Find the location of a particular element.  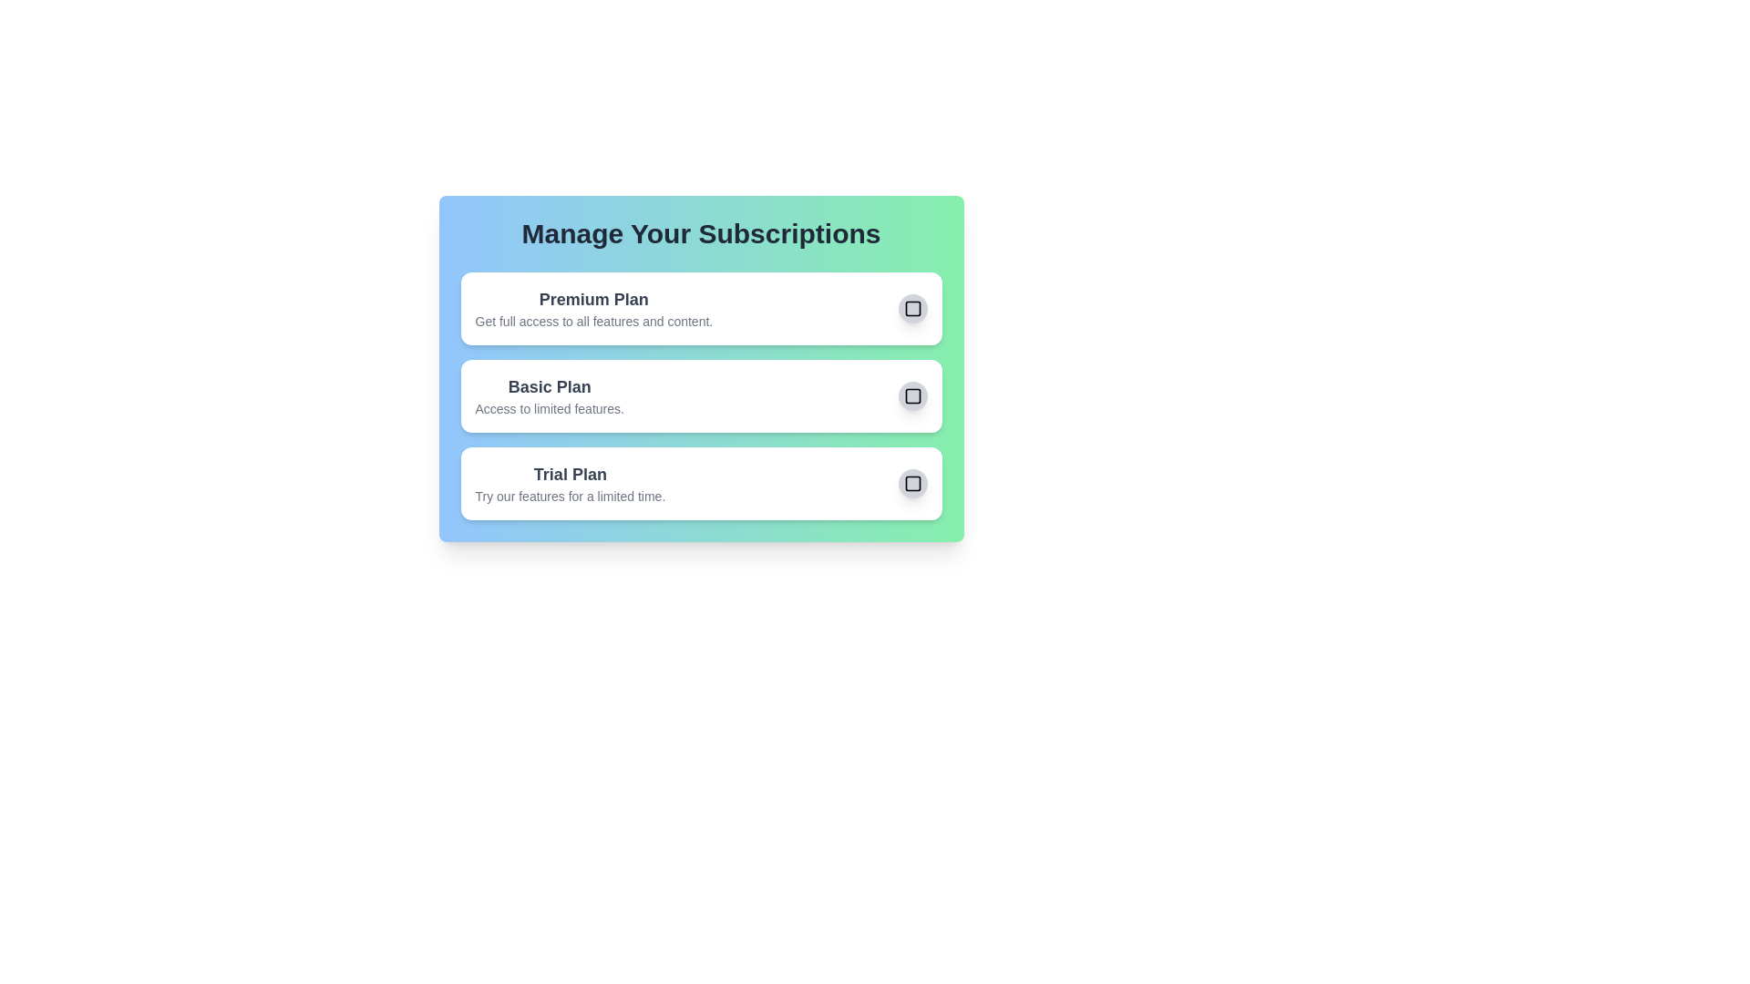

the rounded square button with a light gray background and a centered black square icon located in the 'Trial Plan' card under the 'Manage Your Subscriptions' section is located at coordinates (912, 483).